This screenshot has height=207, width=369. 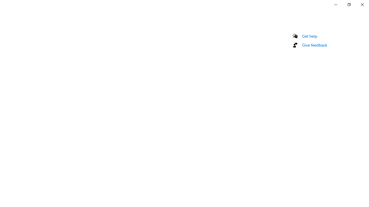 What do you see at coordinates (314, 45) in the screenshot?
I see `'Give feedback'` at bounding box center [314, 45].